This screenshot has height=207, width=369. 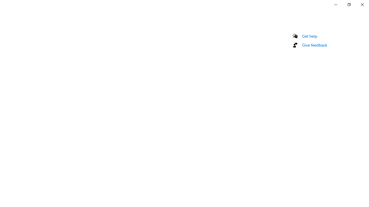 What do you see at coordinates (314, 45) in the screenshot?
I see `'Give feedback'` at bounding box center [314, 45].